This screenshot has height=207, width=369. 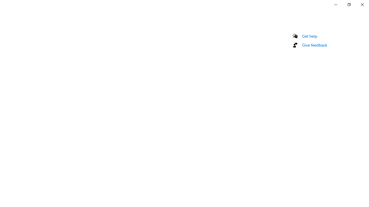 What do you see at coordinates (314, 45) in the screenshot?
I see `'Give feedback'` at bounding box center [314, 45].